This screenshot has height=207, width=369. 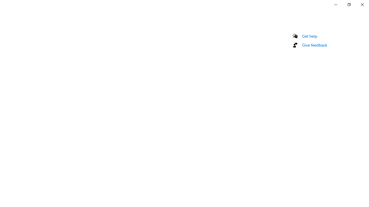 What do you see at coordinates (314, 45) in the screenshot?
I see `'Give feedback'` at bounding box center [314, 45].